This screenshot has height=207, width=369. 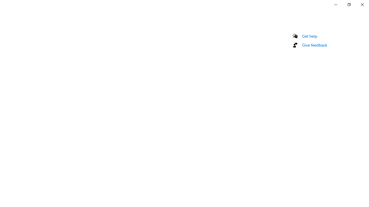 What do you see at coordinates (314, 45) in the screenshot?
I see `'Give feedback'` at bounding box center [314, 45].